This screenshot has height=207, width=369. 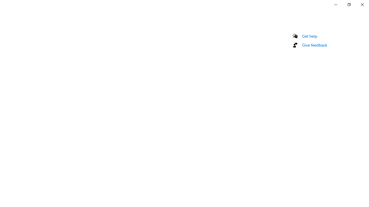 What do you see at coordinates (314, 45) in the screenshot?
I see `'Give feedback'` at bounding box center [314, 45].